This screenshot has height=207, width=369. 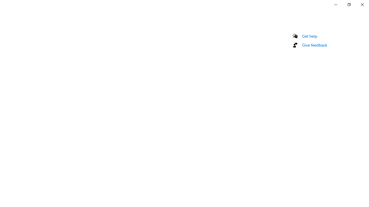 What do you see at coordinates (314, 45) in the screenshot?
I see `'Give feedback'` at bounding box center [314, 45].